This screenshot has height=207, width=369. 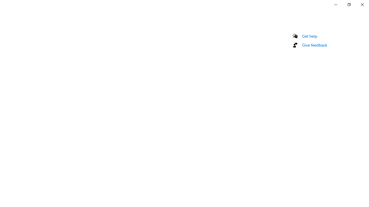 What do you see at coordinates (314, 45) in the screenshot?
I see `'Give feedback'` at bounding box center [314, 45].